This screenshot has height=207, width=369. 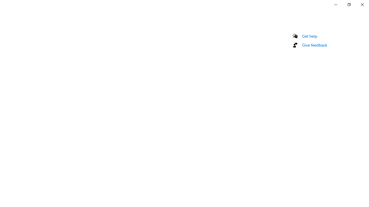 What do you see at coordinates (314, 45) in the screenshot?
I see `'Give feedback'` at bounding box center [314, 45].